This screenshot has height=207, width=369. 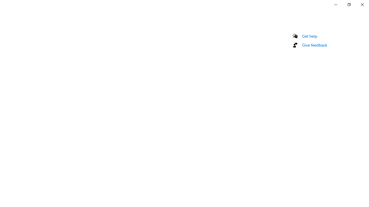 What do you see at coordinates (314, 45) in the screenshot?
I see `'Give feedback'` at bounding box center [314, 45].